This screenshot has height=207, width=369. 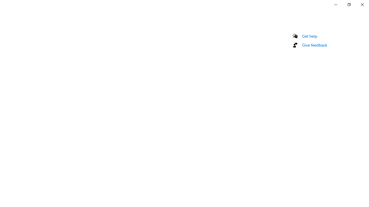 What do you see at coordinates (314, 45) in the screenshot?
I see `'Give feedback'` at bounding box center [314, 45].